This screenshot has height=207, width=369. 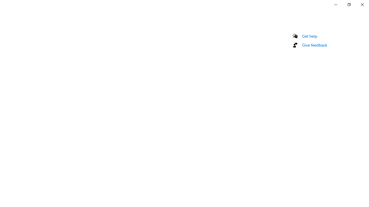 What do you see at coordinates (314, 45) in the screenshot?
I see `'Give feedback'` at bounding box center [314, 45].